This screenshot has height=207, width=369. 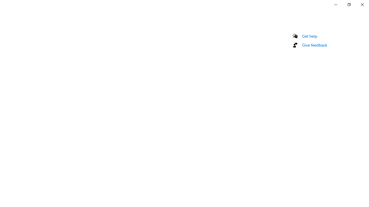 What do you see at coordinates (314, 45) in the screenshot?
I see `'Give feedback'` at bounding box center [314, 45].